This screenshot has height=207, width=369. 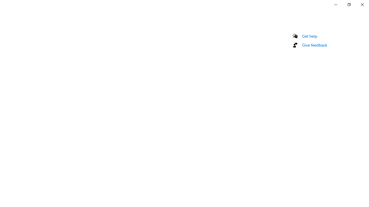 What do you see at coordinates (314, 45) in the screenshot?
I see `'Give feedback'` at bounding box center [314, 45].